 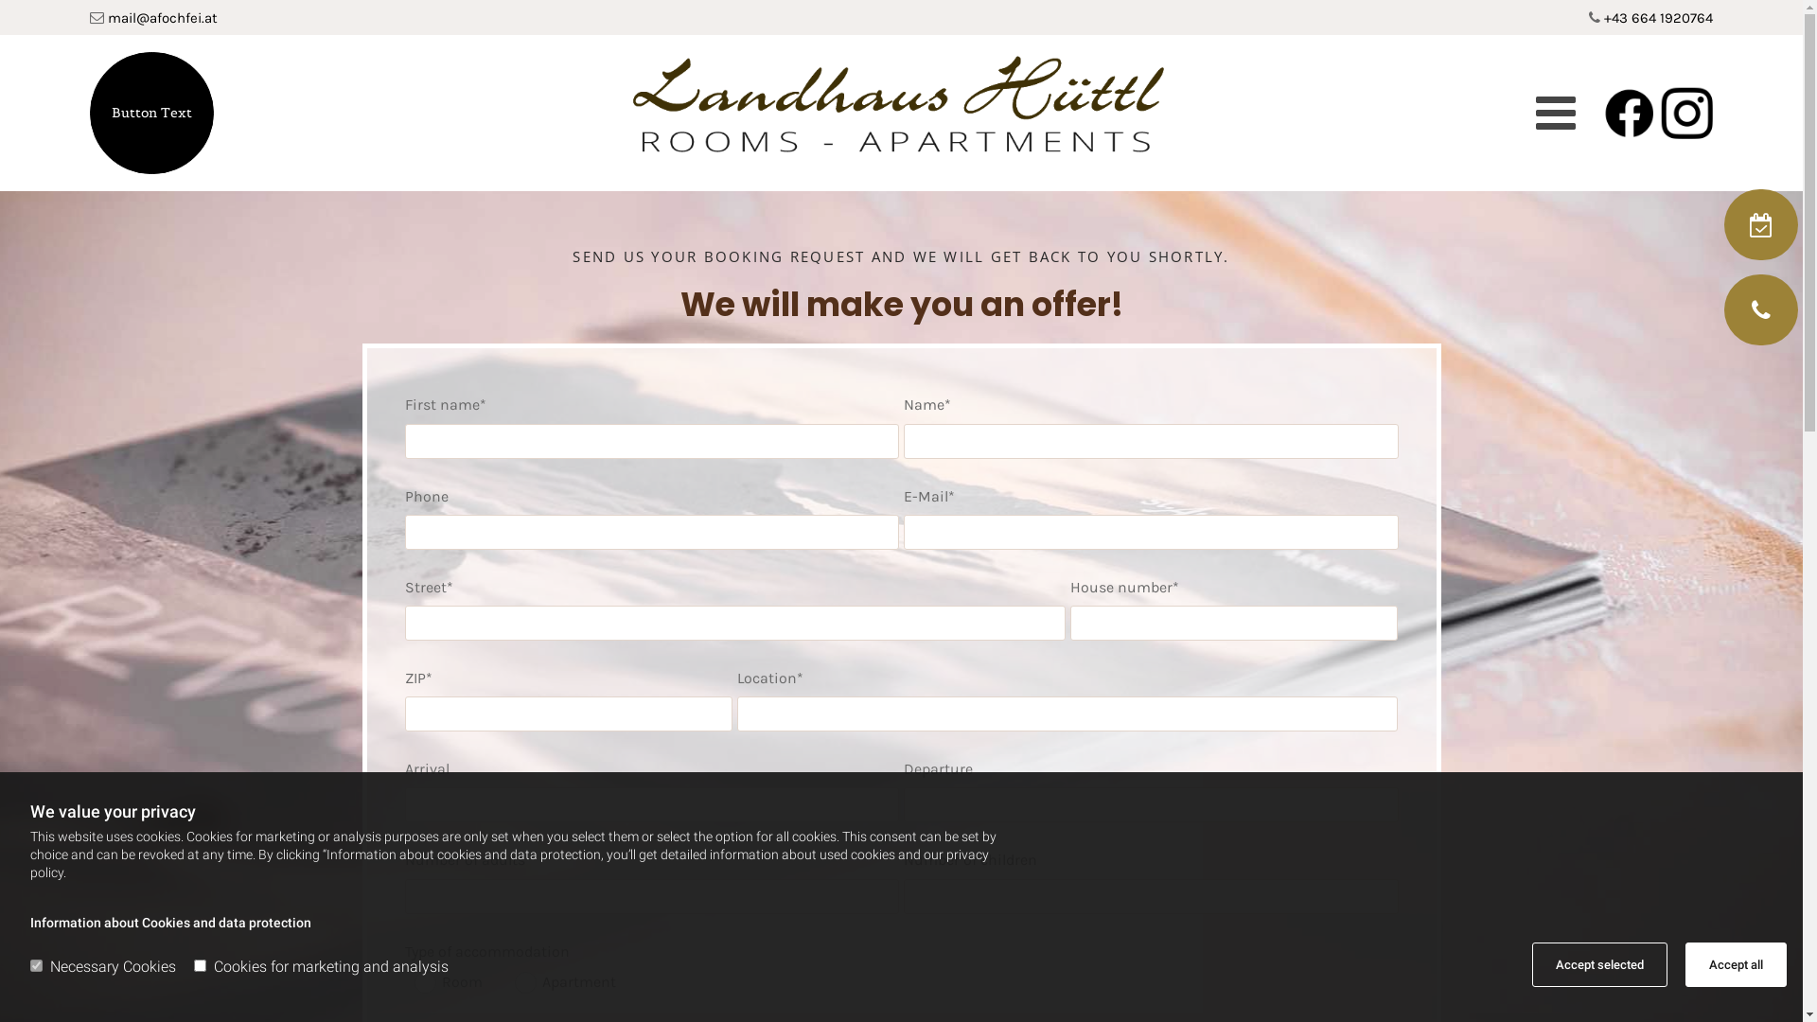 What do you see at coordinates (1736, 964) in the screenshot?
I see `'Accept all'` at bounding box center [1736, 964].